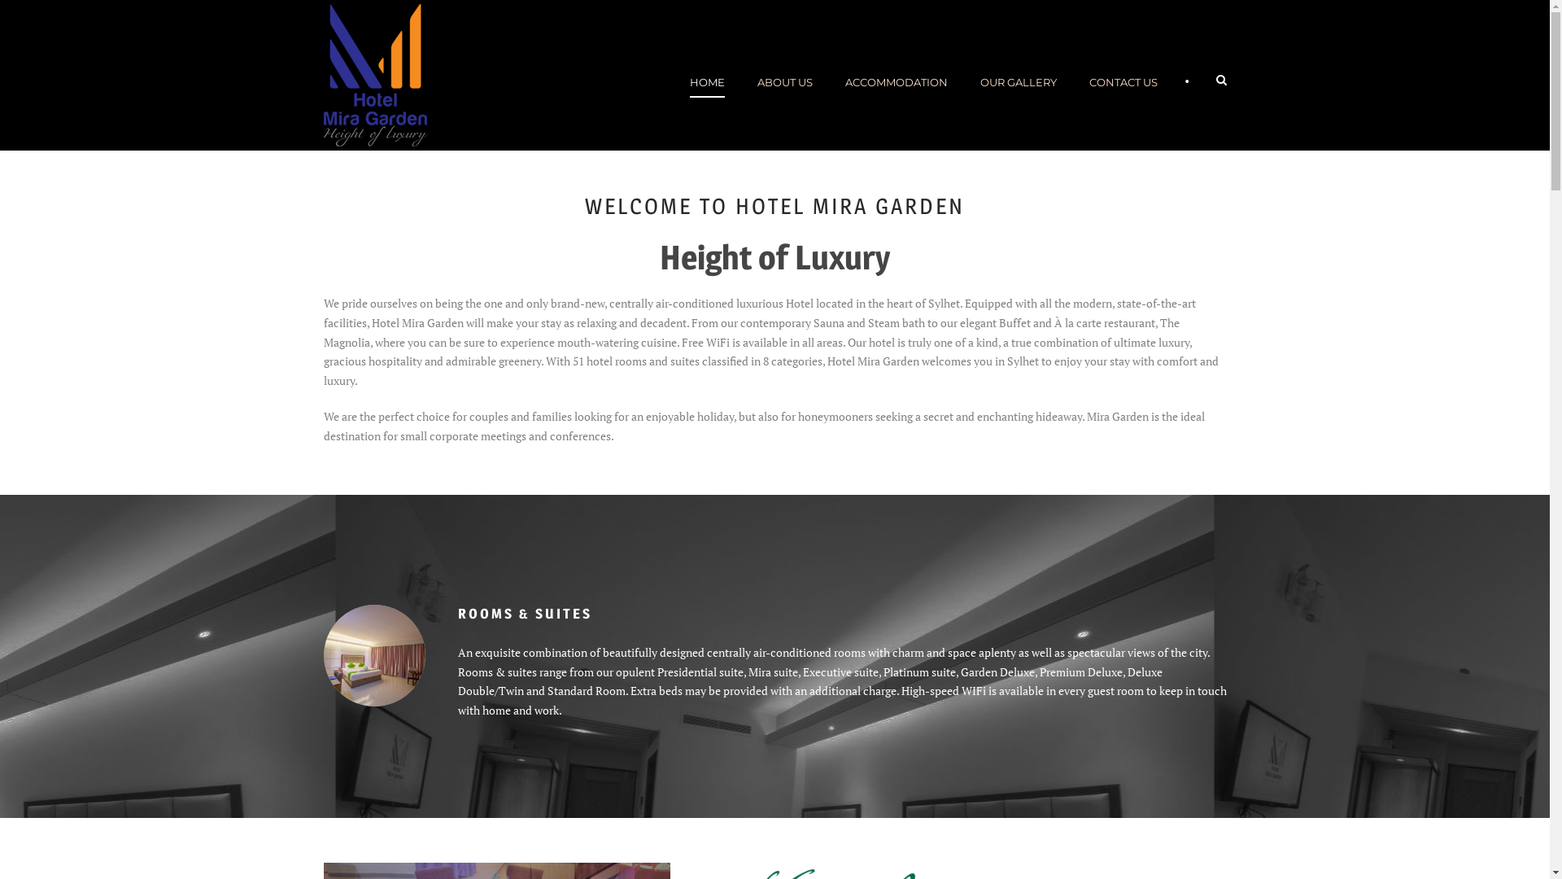 The width and height of the screenshot is (1562, 879). Describe the element at coordinates (784, 100) in the screenshot. I see `'ABOUT US'` at that location.